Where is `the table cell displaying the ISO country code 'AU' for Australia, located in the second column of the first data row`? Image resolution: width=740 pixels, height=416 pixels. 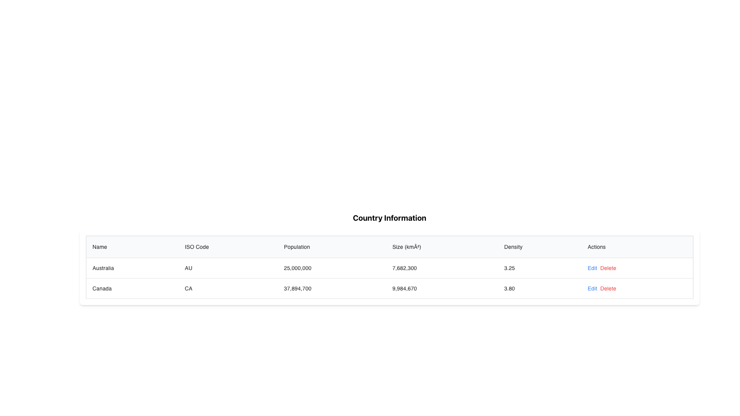 the table cell displaying the ISO country code 'AU' for Australia, located in the second column of the first data row is located at coordinates (228, 268).